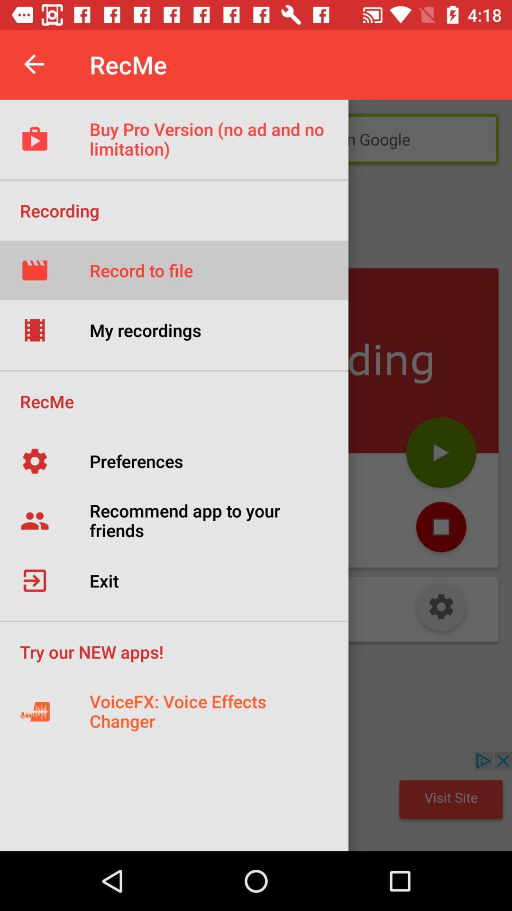 Image resolution: width=512 pixels, height=911 pixels. I want to click on settings, so click(441, 609).